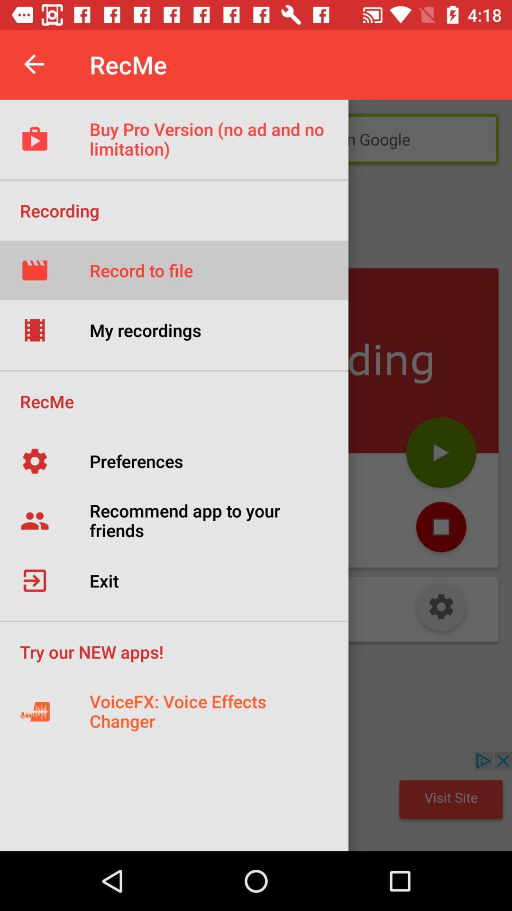 Image resolution: width=512 pixels, height=911 pixels. I want to click on settings, so click(441, 609).